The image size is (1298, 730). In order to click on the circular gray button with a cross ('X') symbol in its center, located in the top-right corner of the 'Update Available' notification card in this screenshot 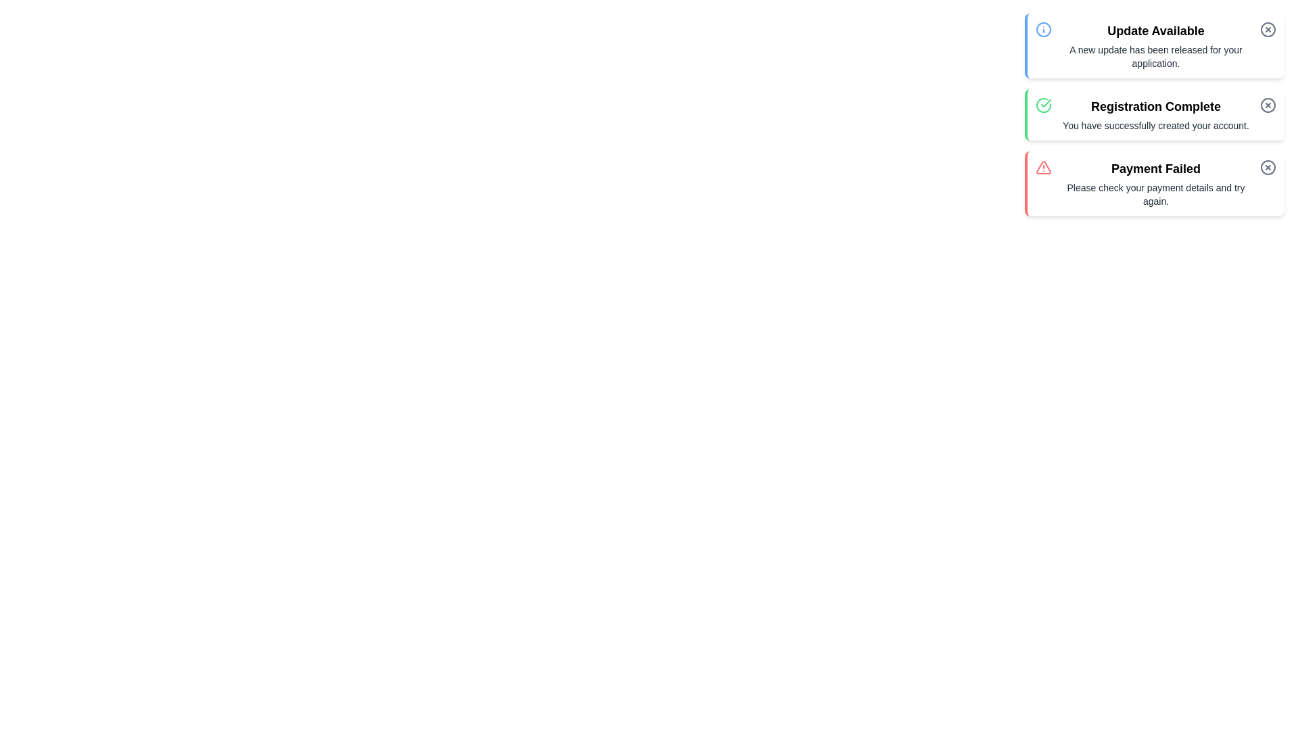, I will do `click(1268, 29)`.